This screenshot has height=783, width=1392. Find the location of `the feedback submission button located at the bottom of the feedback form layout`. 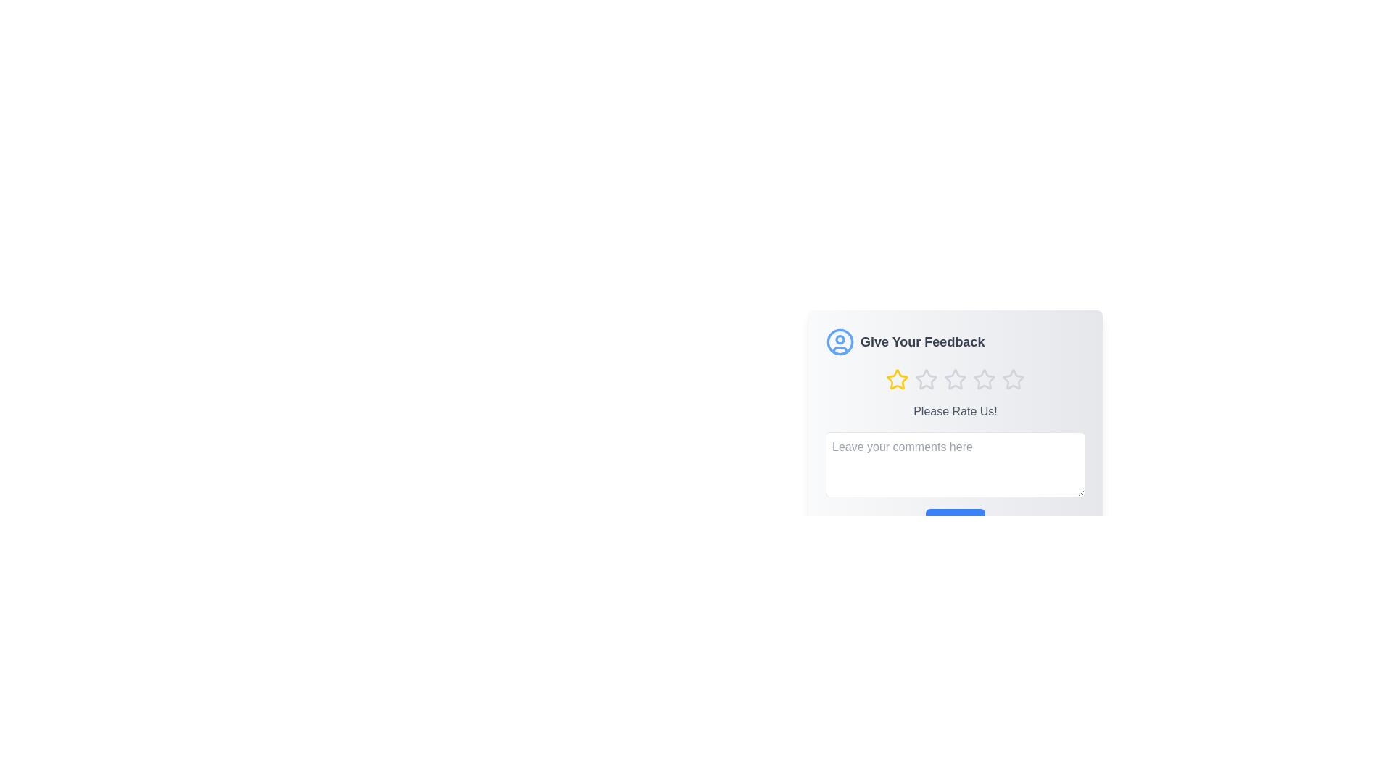

the feedback submission button located at the bottom of the feedback form layout is located at coordinates (956, 523).